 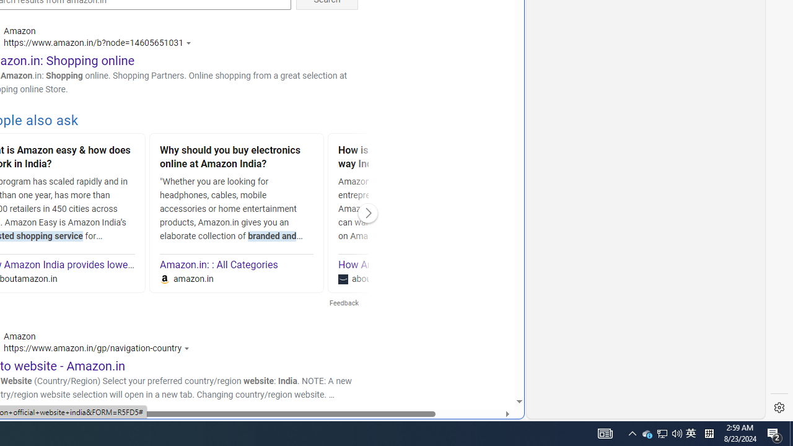 What do you see at coordinates (343, 303) in the screenshot?
I see `'Feedback'` at bounding box center [343, 303].